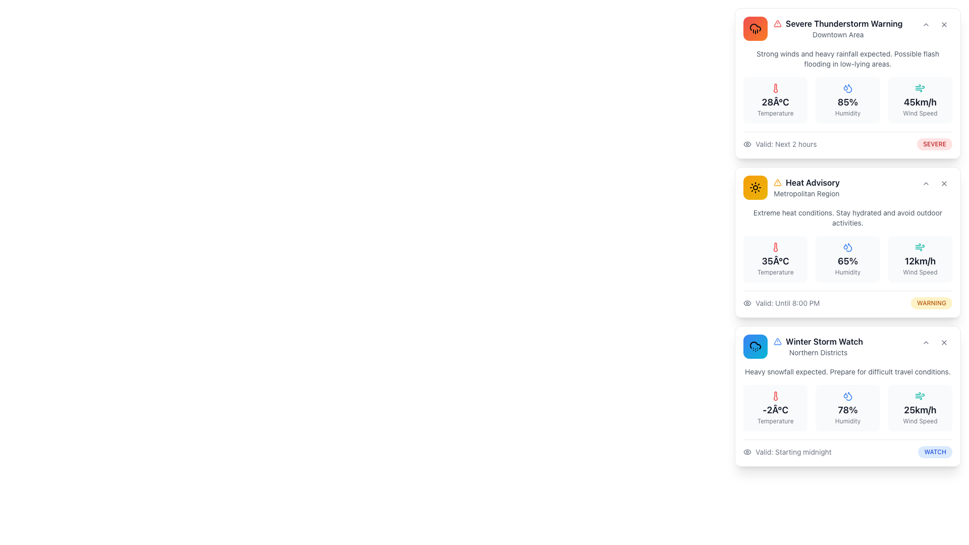 Image resolution: width=969 pixels, height=545 pixels. What do you see at coordinates (944, 24) in the screenshot?
I see `the close button with an SVG icon located in the top-right corner of the 'Severe Thunderstorm Warning' weather card` at bounding box center [944, 24].